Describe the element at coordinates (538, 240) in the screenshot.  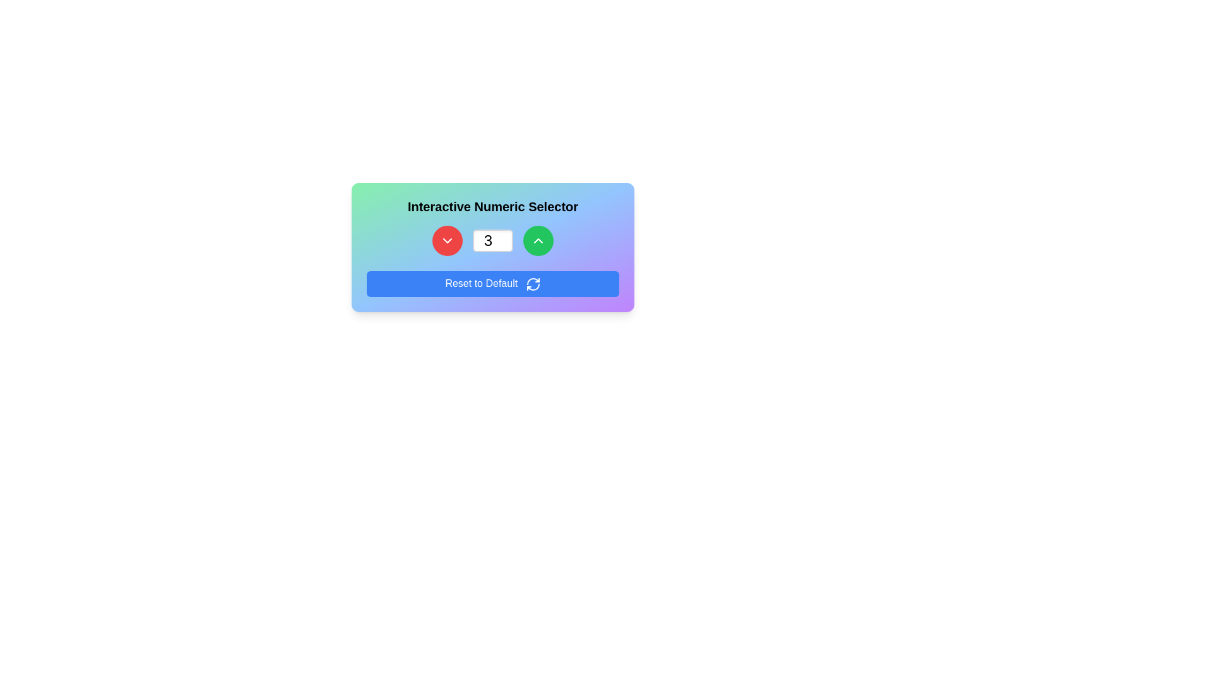
I see `the increment control icon within the green-themed button to prepare for keyboard interaction` at that location.